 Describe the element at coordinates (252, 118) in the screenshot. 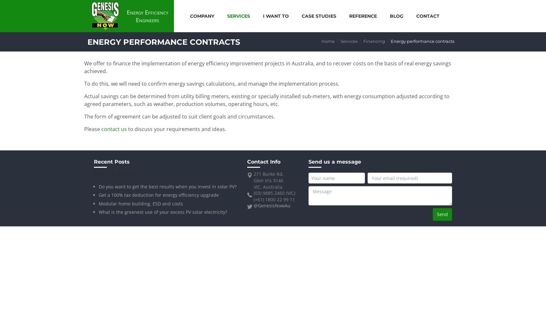

I see `'Clean technology investment program'` at that location.